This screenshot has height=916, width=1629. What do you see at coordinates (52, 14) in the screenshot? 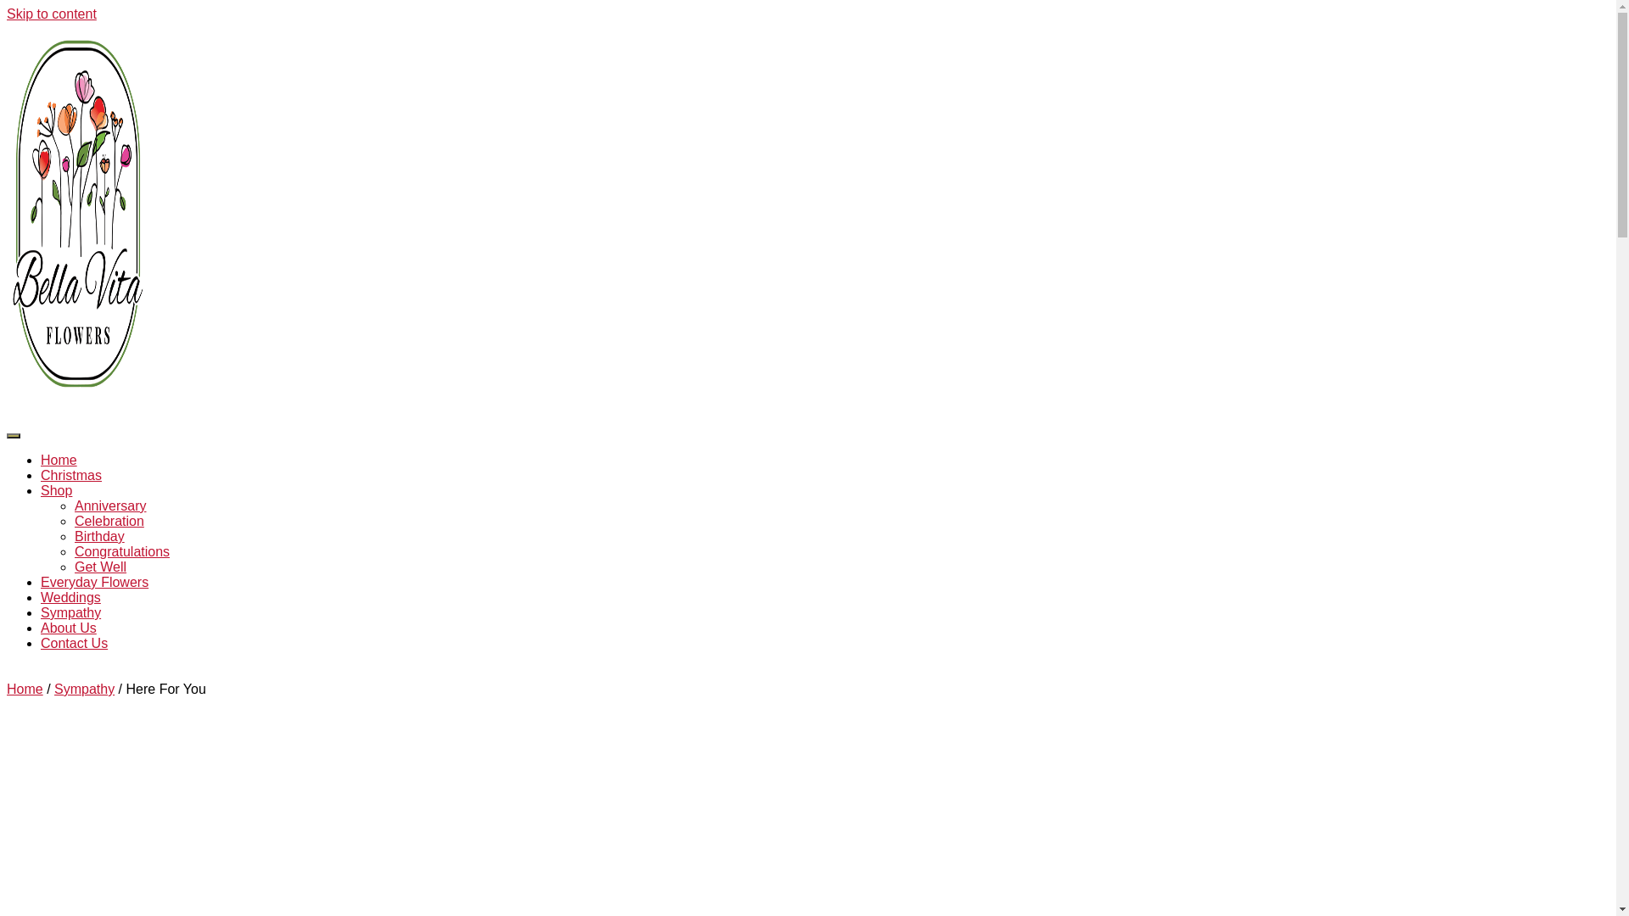
I see `'Skip to content'` at bounding box center [52, 14].